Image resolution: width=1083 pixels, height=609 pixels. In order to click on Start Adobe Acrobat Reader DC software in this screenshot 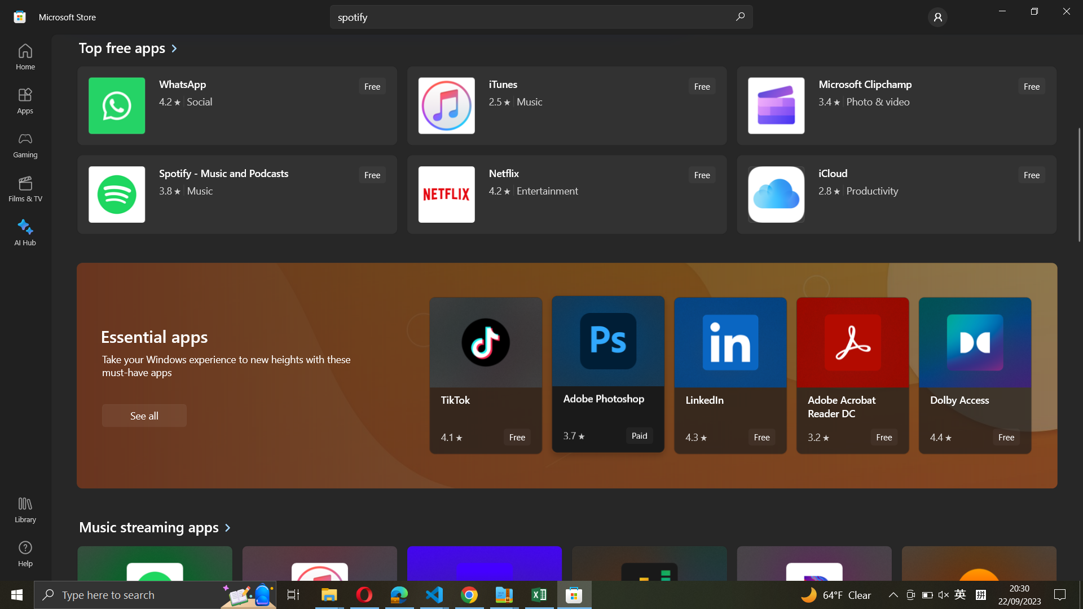, I will do `click(853, 376)`.